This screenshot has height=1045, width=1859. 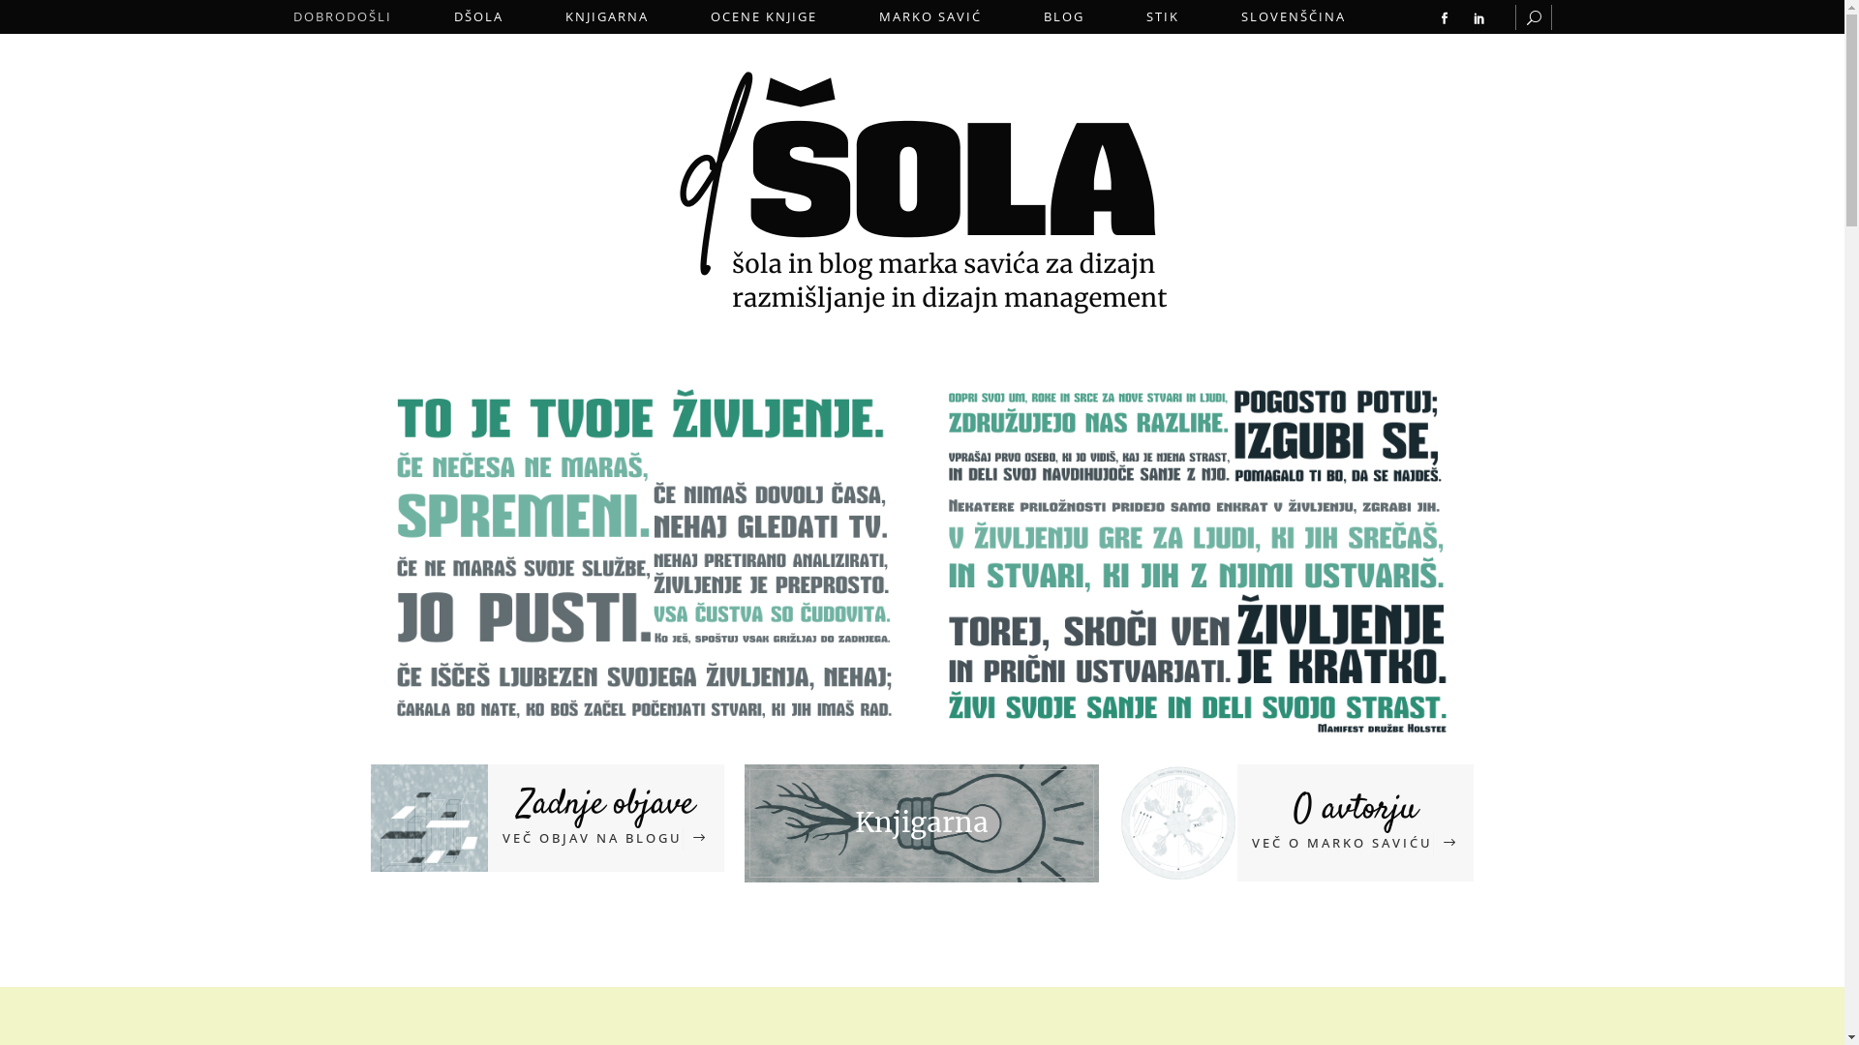 What do you see at coordinates (1063, 16) in the screenshot?
I see `'BLOG'` at bounding box center [1063, 16].